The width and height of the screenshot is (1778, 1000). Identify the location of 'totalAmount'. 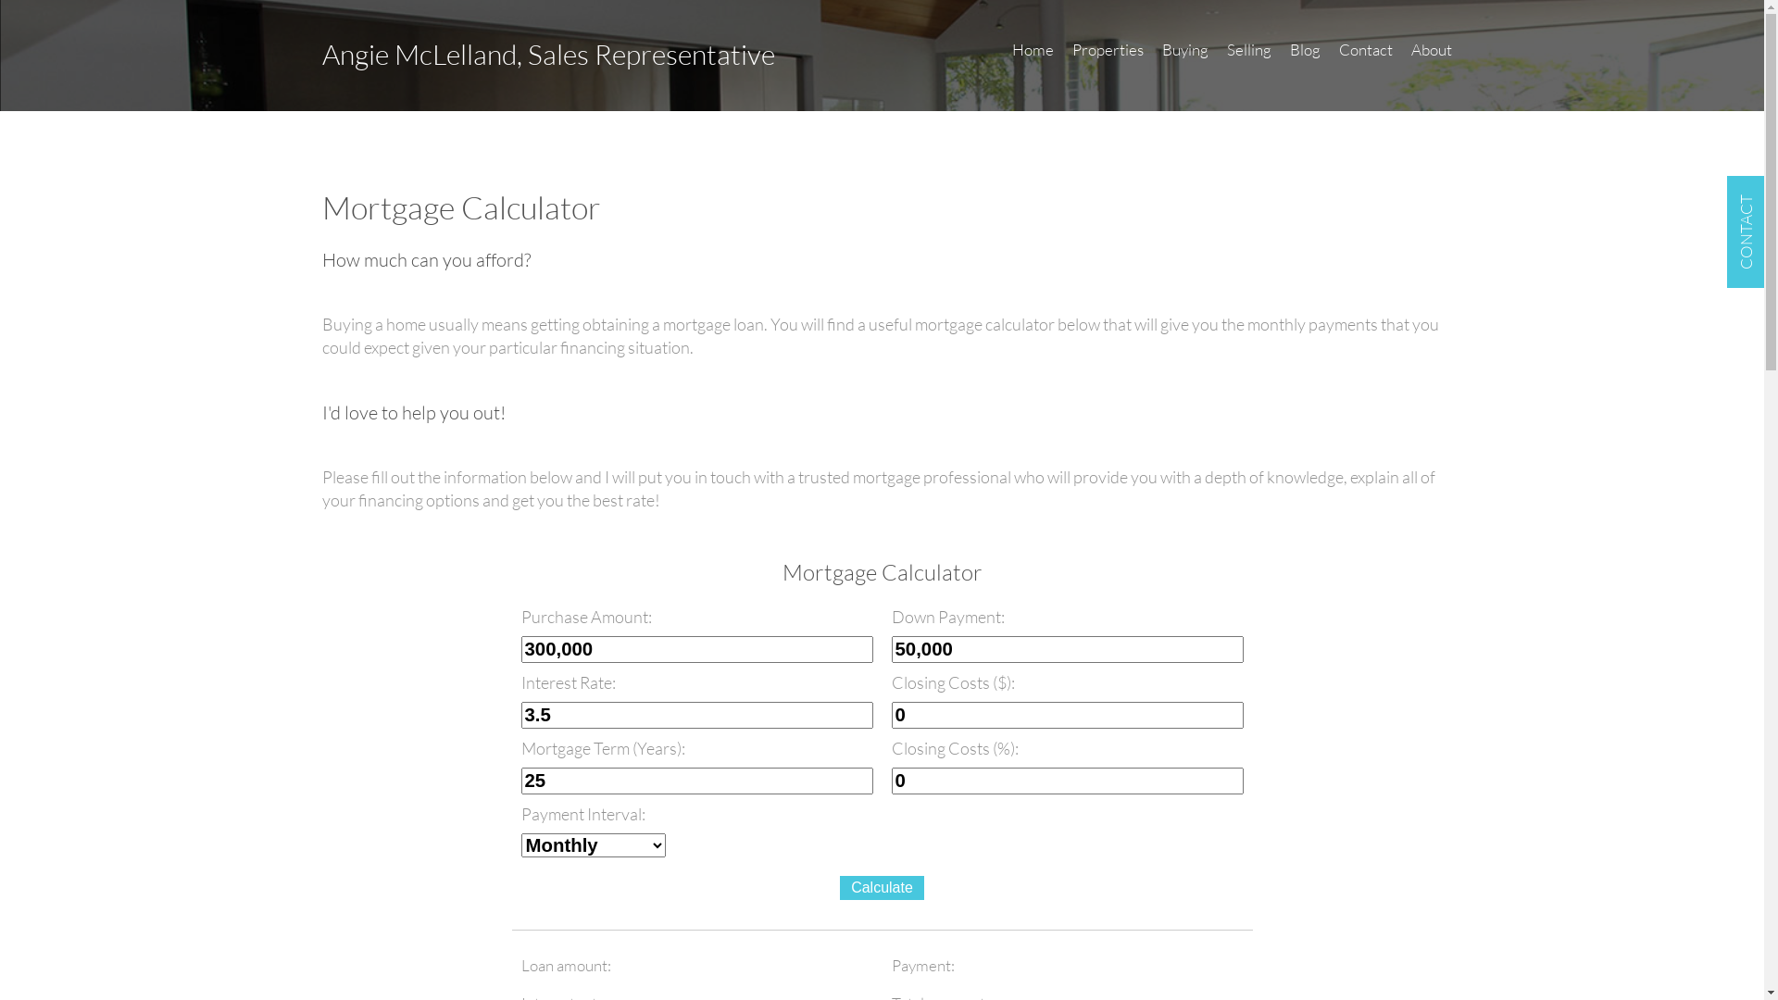
(819, 964).